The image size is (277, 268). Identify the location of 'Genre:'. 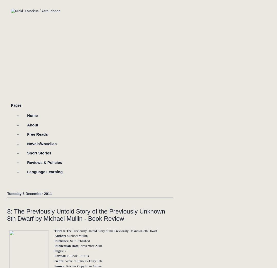
(59, 261).